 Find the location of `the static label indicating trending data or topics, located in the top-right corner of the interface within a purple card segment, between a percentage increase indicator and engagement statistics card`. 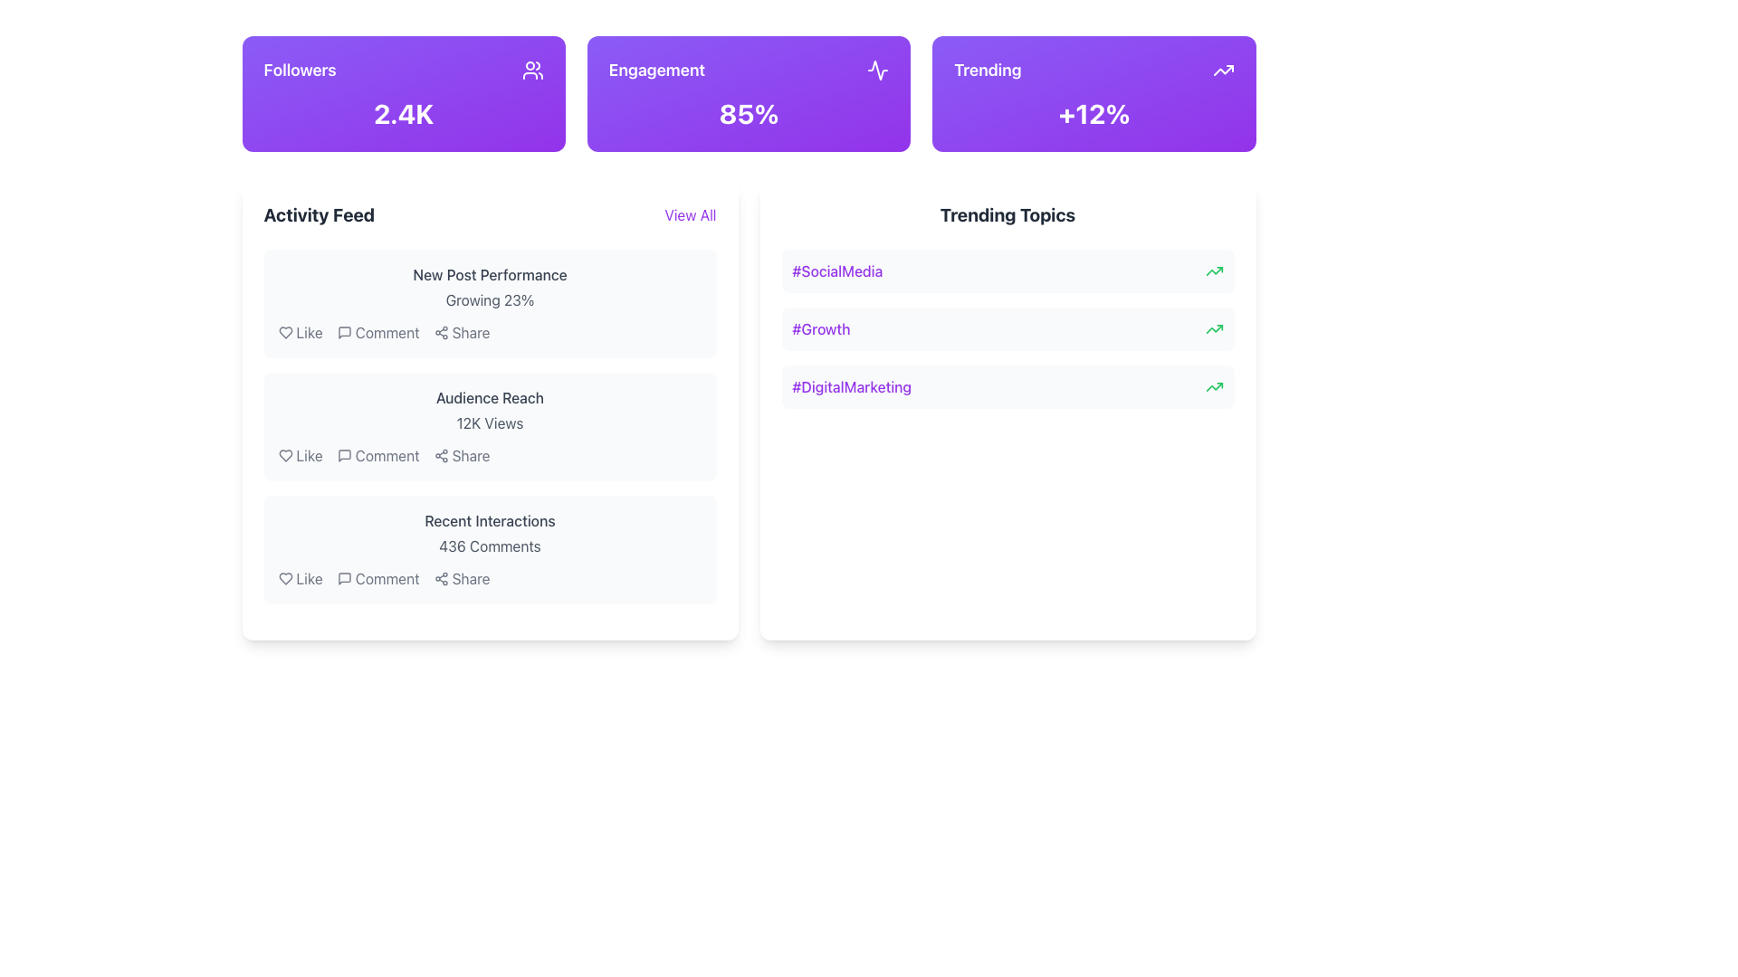

the static label indicating trending data or topics, located in the top-right corner of the interface within a purple card segment, between a percentage increase indicator and engagement statistics card is located at coordinates (987, 69).